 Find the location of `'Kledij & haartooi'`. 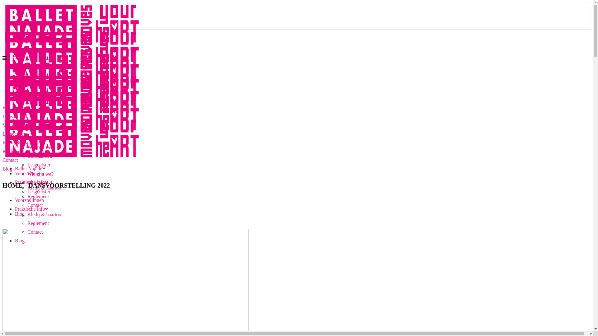

'Kledij & haartooi' is located at coordinates (45, 214).